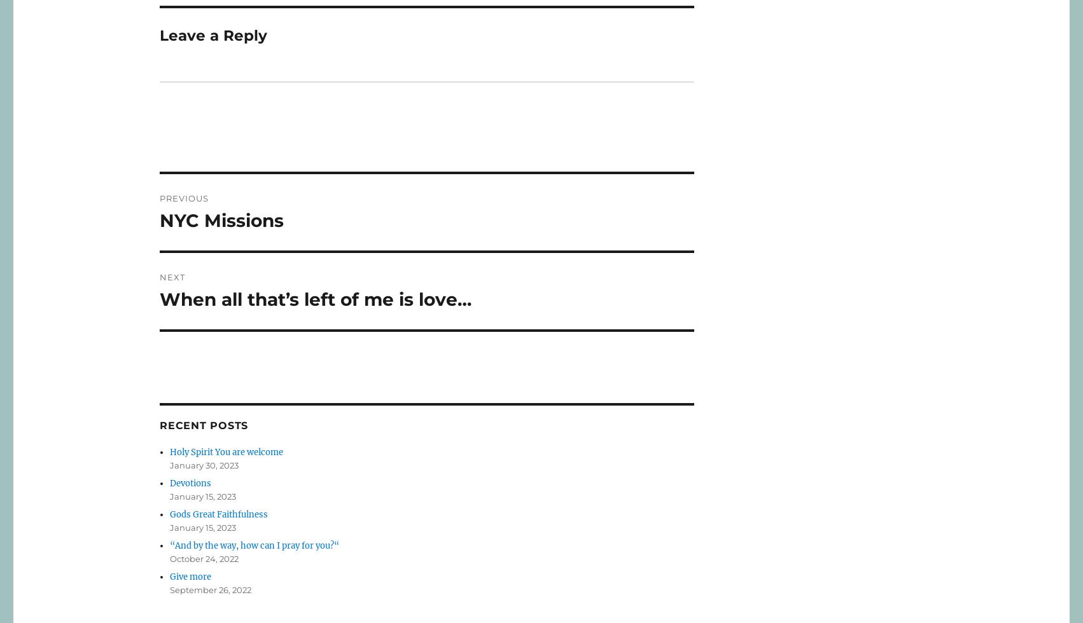 This screenshot has height=623, width=1083. I want to click on '“And by the way, how can I pray for you?“', so click(254, 545).